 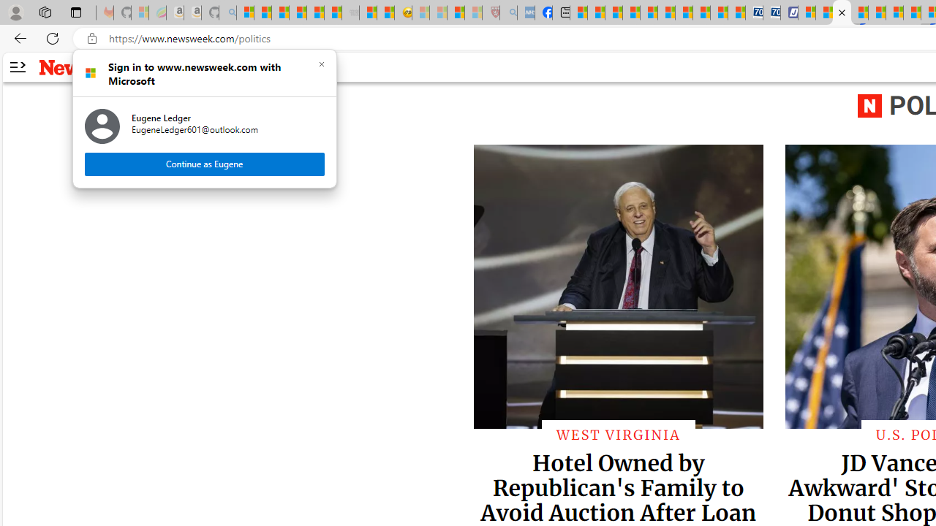 I want to click on 'Combat Siege - Sleeping', so click(x=351, y=12).